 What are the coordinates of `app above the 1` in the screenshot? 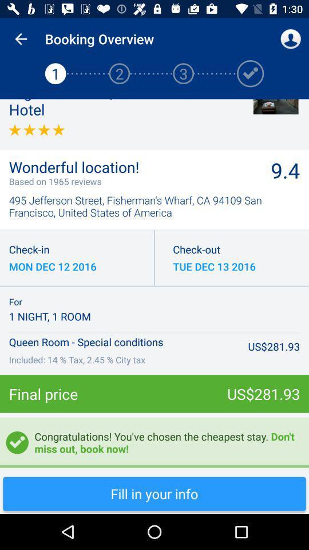 It's located at (21, 39).